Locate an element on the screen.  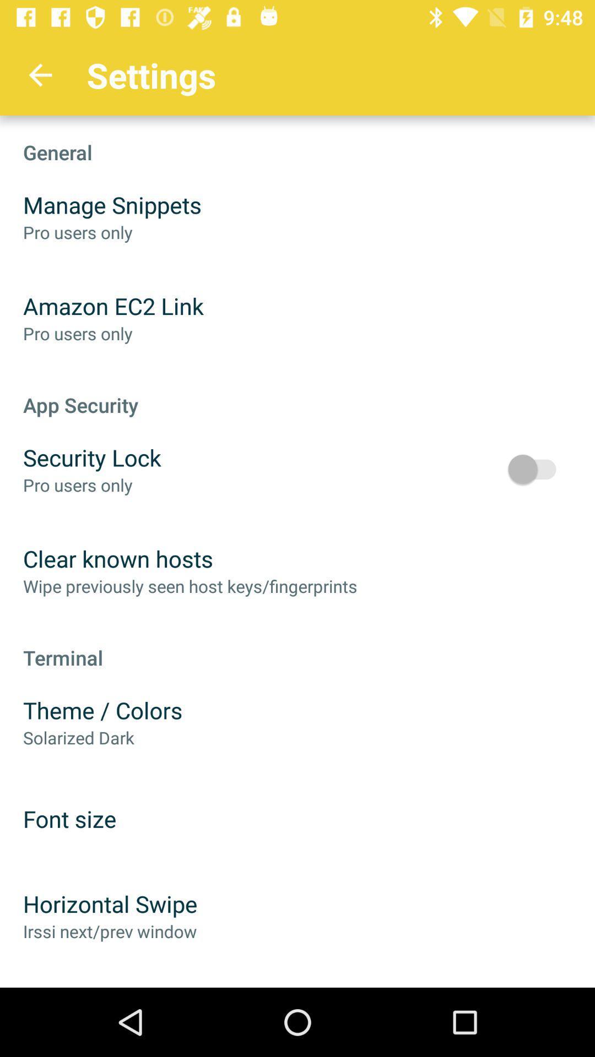
icon above solarized dark is located at coordinates (102, 710).